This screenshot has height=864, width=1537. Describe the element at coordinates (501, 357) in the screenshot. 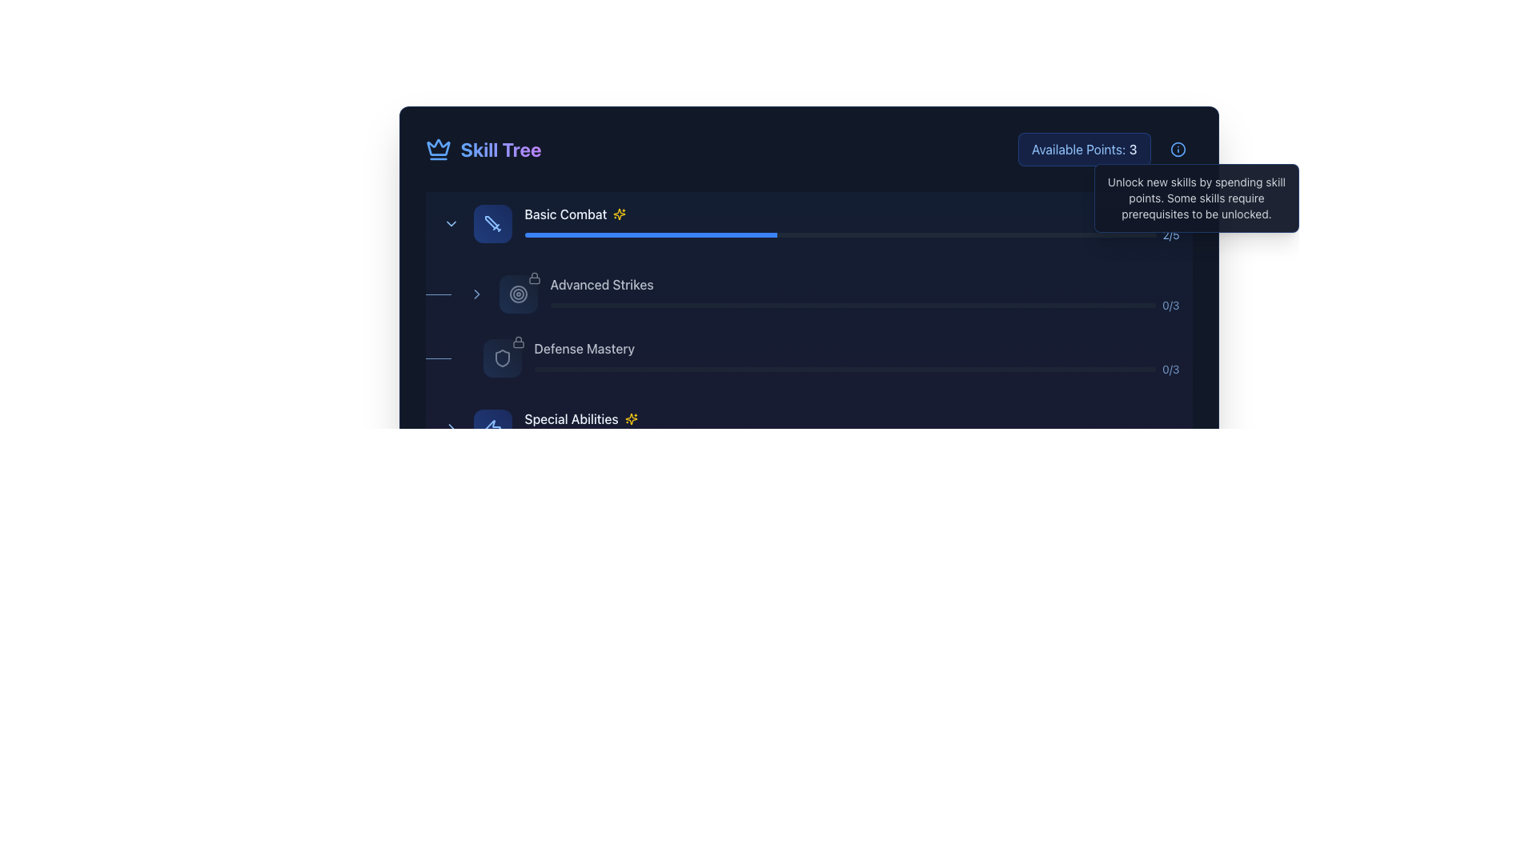

I see `the shield-shaped icon with a dark gray outline, located in the skill selection interface adjacent to the 'Defense Mastery' label` at that location.